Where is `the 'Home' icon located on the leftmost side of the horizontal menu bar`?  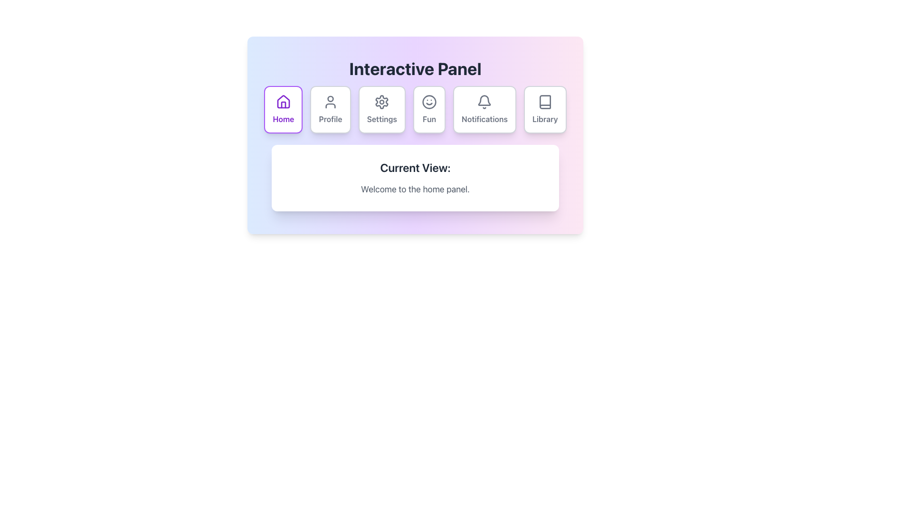 the 'Home' icon located on the leftmost side of the horizontal menu bar is located at coordinates (283, 102).